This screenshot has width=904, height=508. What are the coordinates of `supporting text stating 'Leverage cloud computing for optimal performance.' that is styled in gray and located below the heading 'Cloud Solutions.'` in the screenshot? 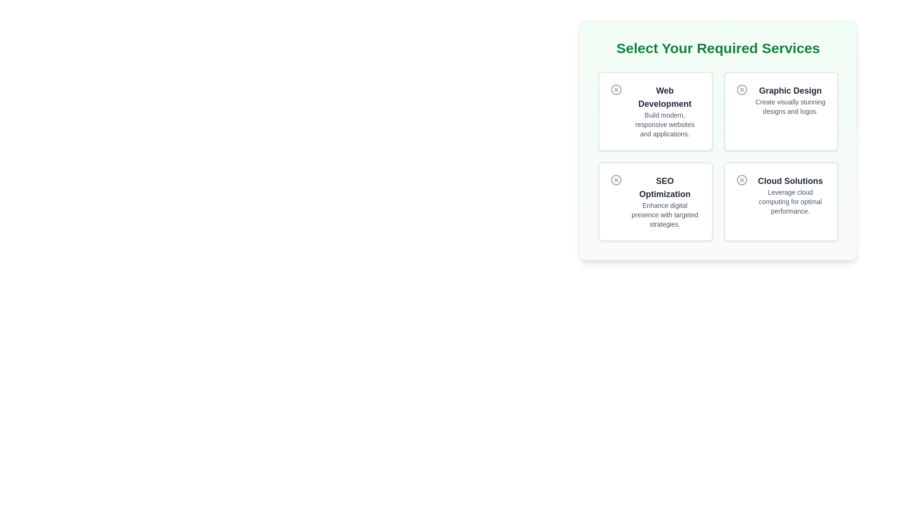 It's located at (790, 201).